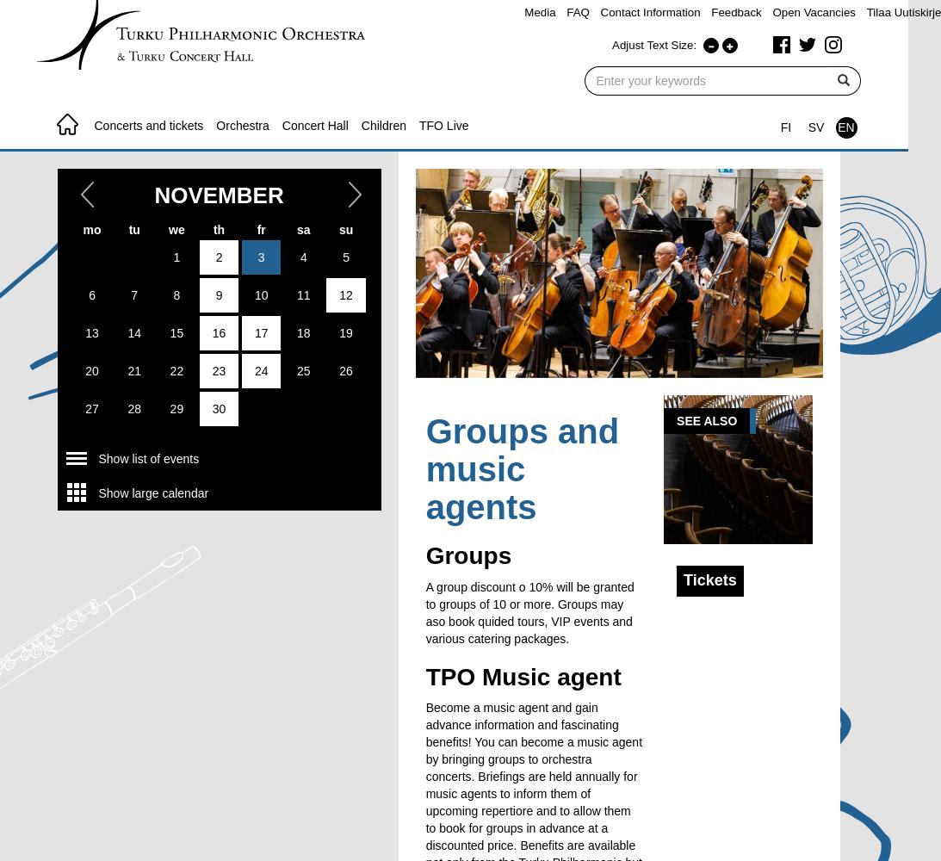  I want to click on '13', so click(84, 332).